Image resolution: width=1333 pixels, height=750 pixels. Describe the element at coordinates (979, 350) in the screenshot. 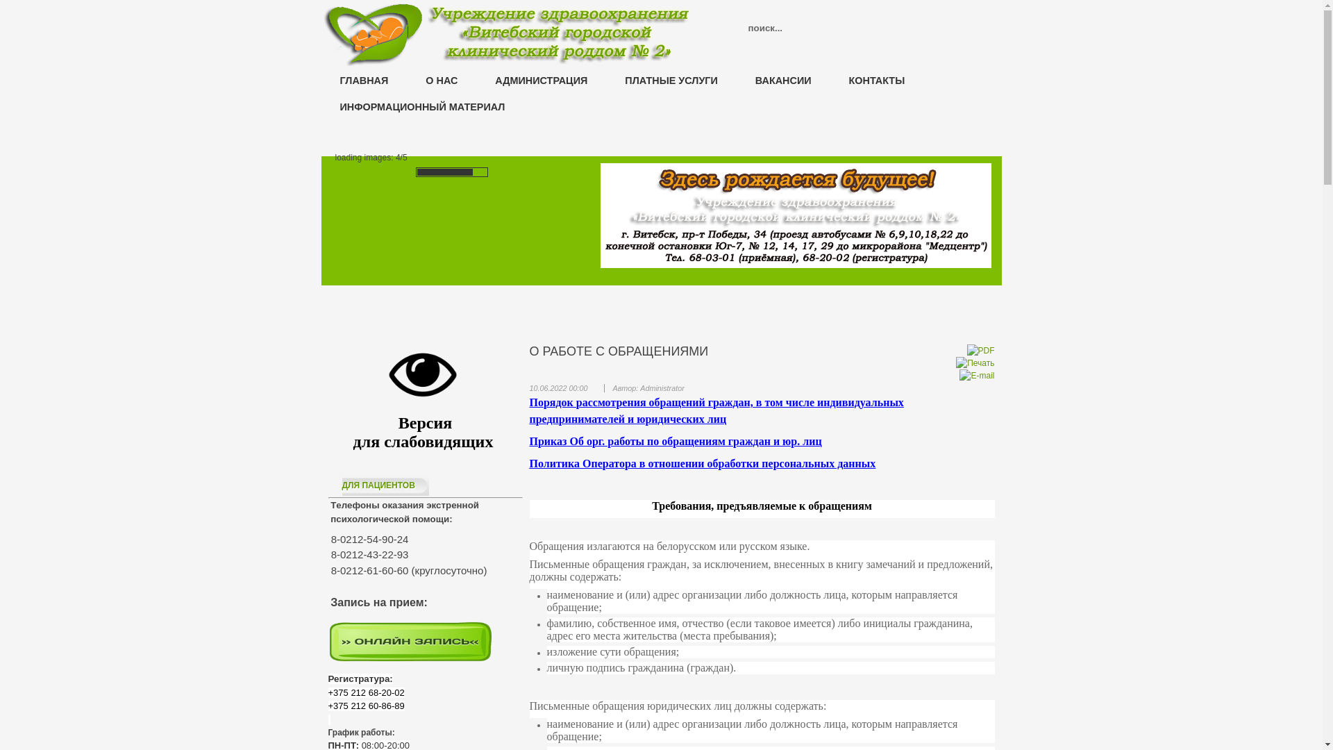

I see `'PDF'` at that location.